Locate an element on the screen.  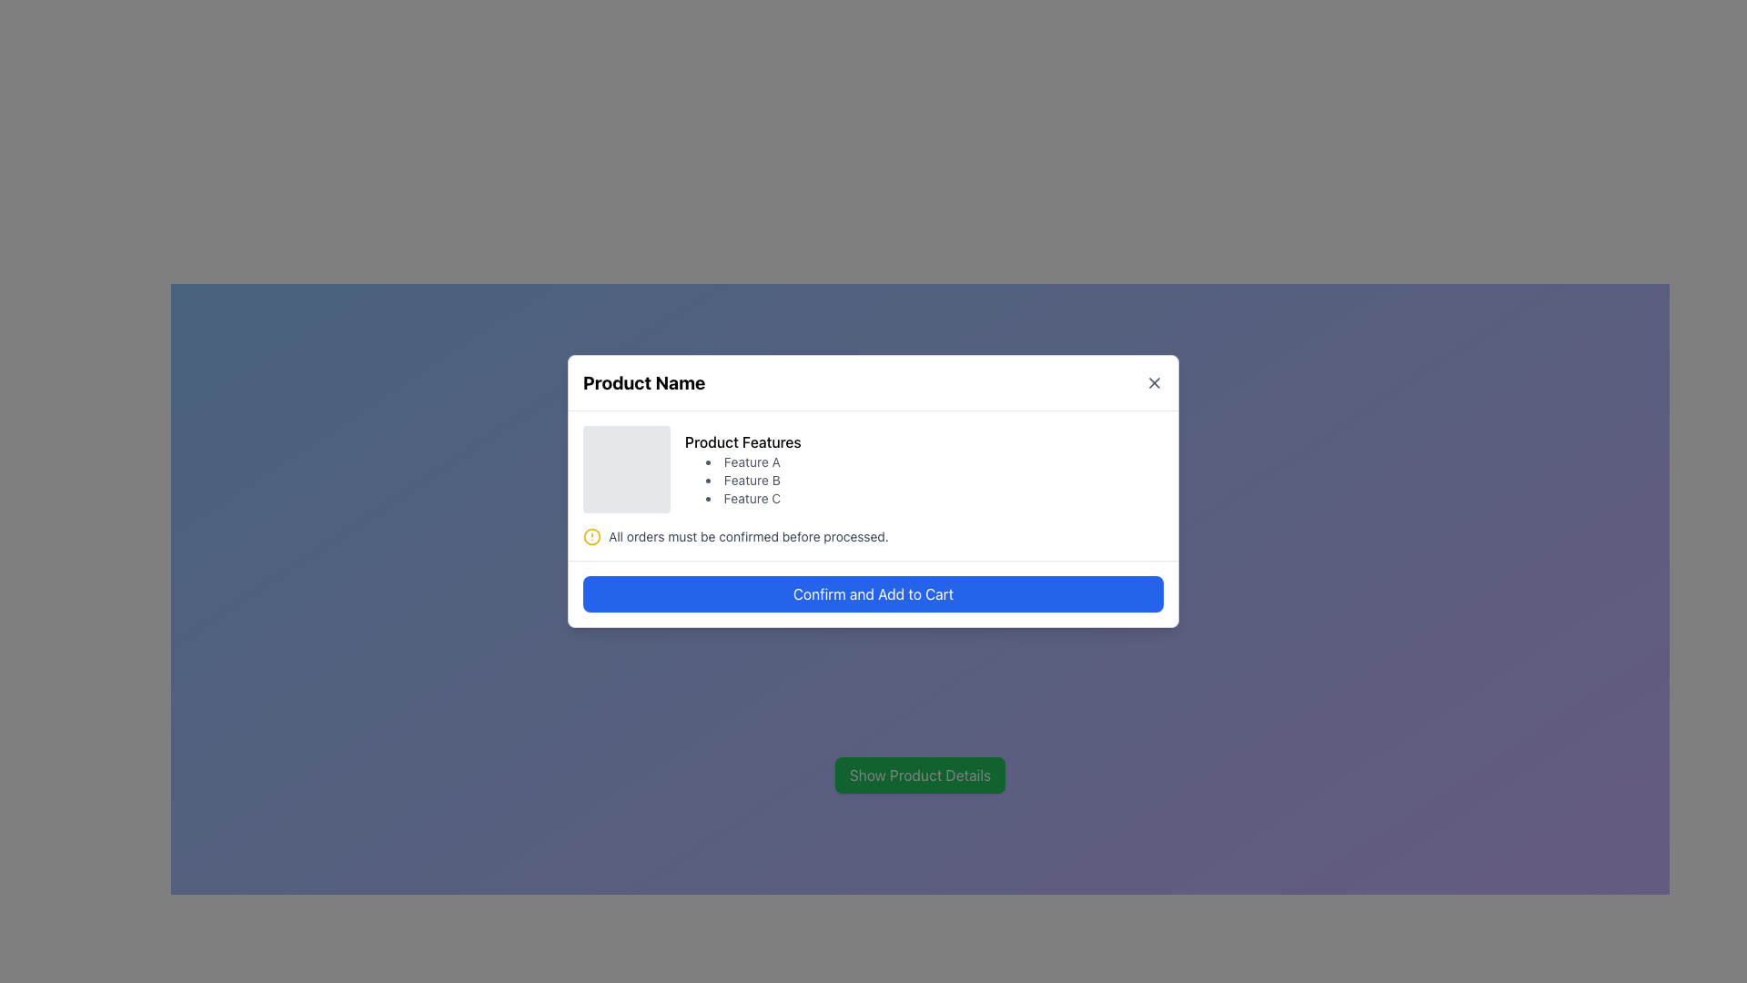
text label that serves as a heading for the product features, located centrally within the modal dialog box is located at coordinates (742, 442).